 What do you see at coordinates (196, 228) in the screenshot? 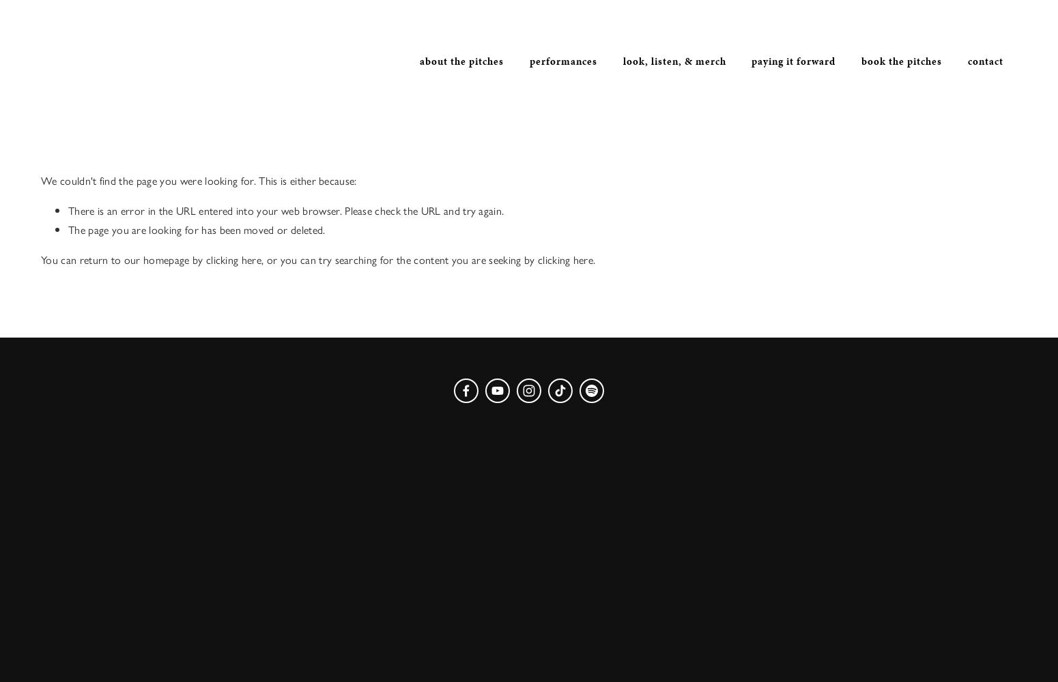
I see `'The page you are looking for has been moved or deleted.'` at bounding box center [196, 228].